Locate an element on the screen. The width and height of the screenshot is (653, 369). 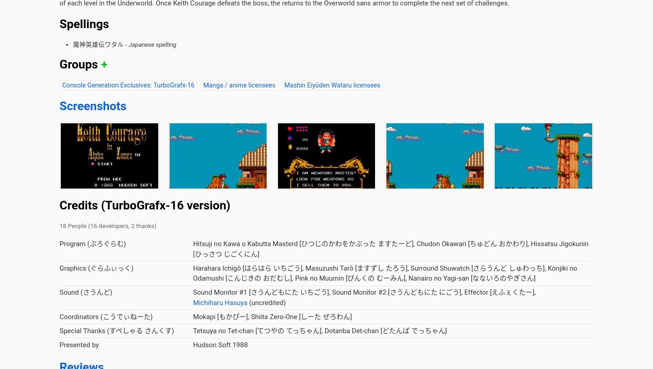
'Shoddyan' is located at coordinates (211, 124).